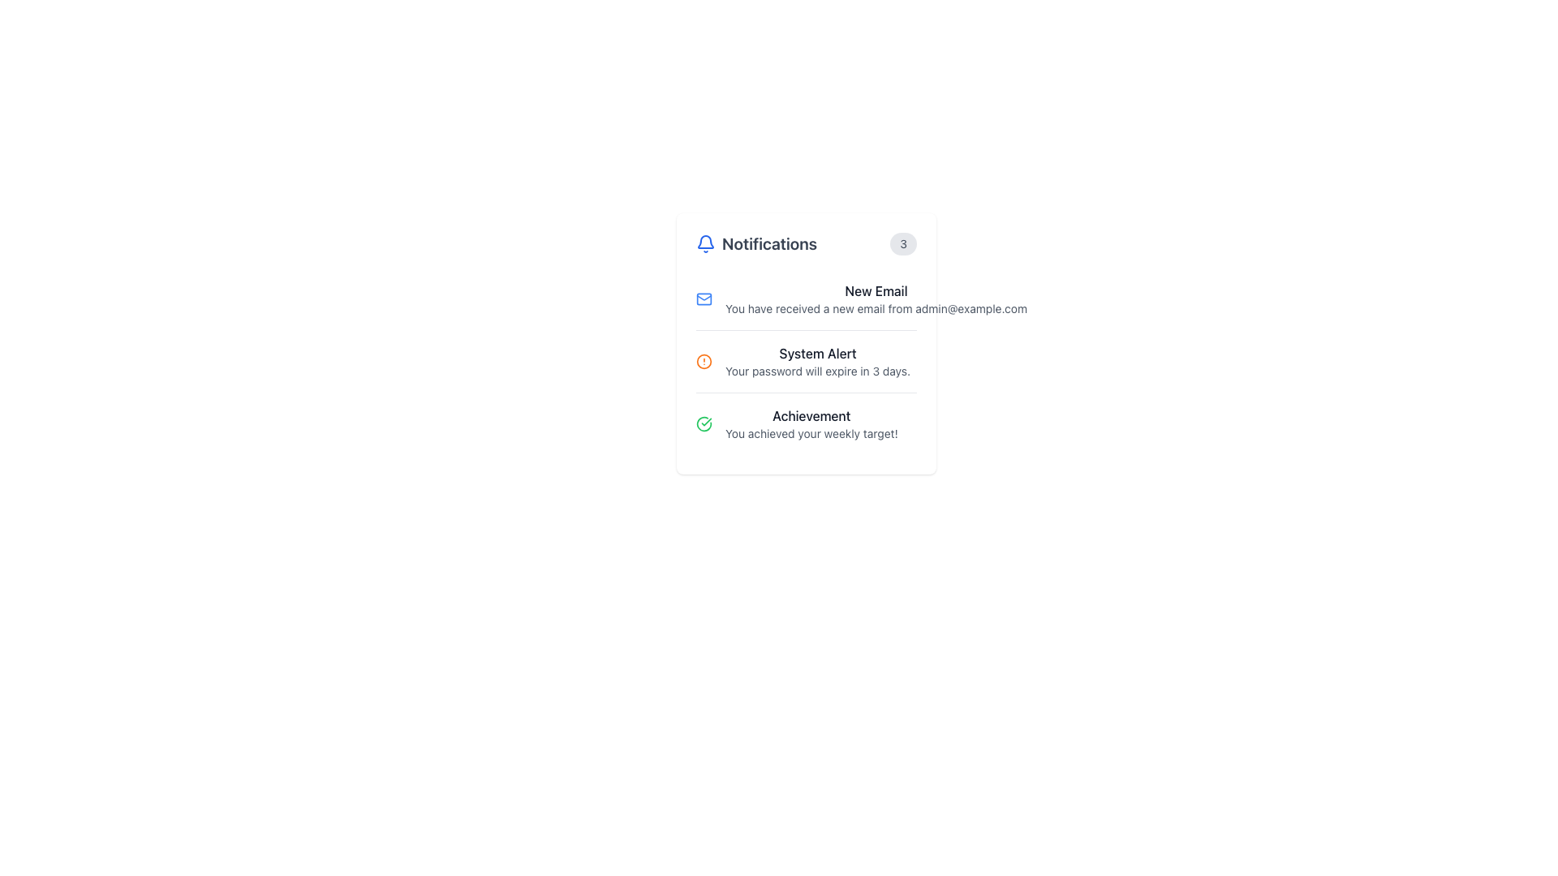 The width and height of the screenshot is (1558, 876). Describe the element at coordinates (902, 243) in the screenshot. I see `the Notification Badge, a small circular badge with a light gray background and the number '3' in dark gray, located on the right side of the header area of the notification card` at that location.